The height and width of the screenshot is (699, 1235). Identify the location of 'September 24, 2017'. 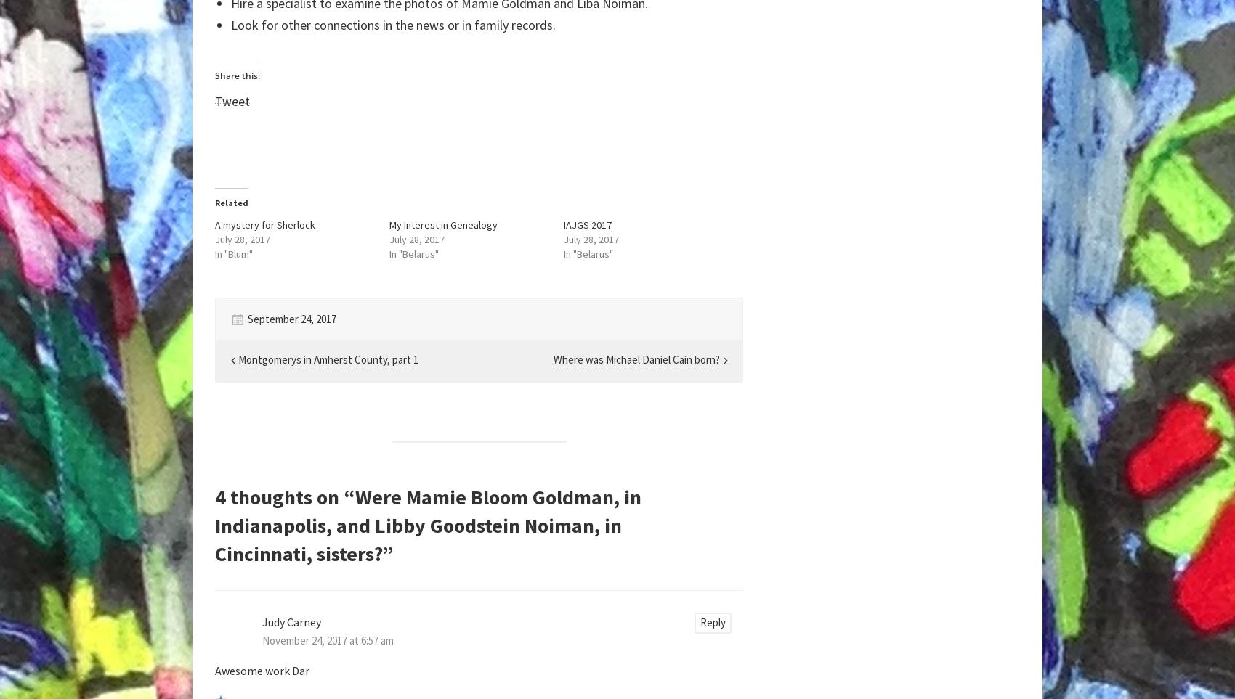
(291, 317).